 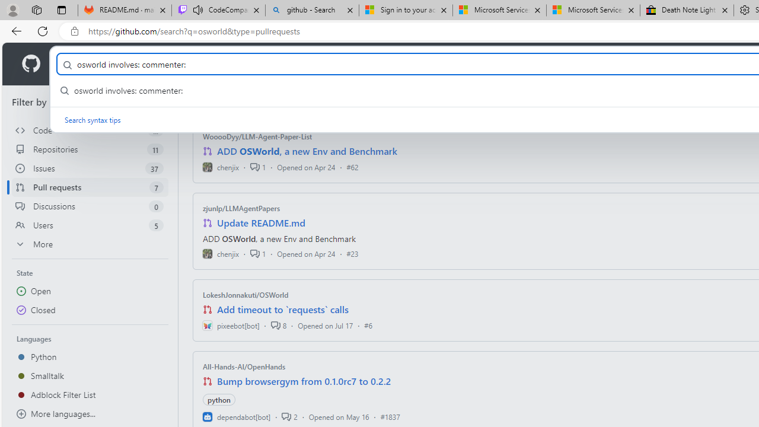 What do you see at coordinates (231, 325) in the screenshot?
I see `'pixeebot[bot]'` at bounding box center [231, 325].